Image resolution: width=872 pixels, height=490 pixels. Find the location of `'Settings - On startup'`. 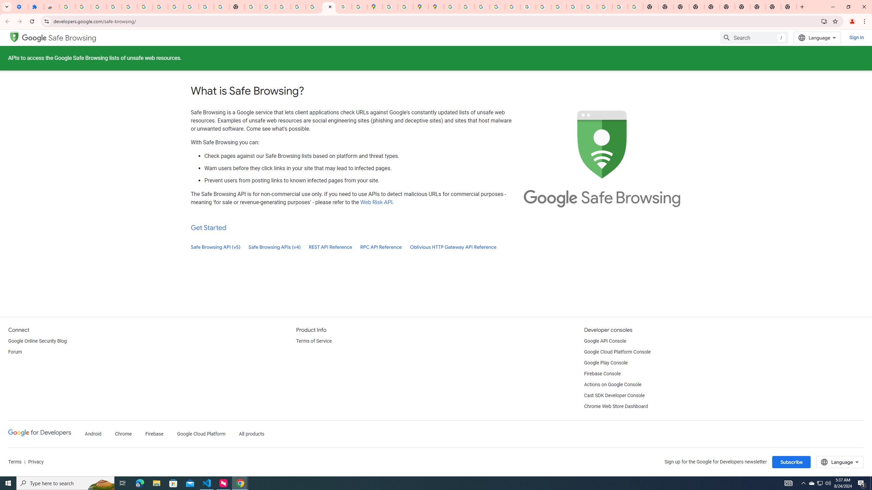

'Settings - On startup' is located at coordinates (20, 6).